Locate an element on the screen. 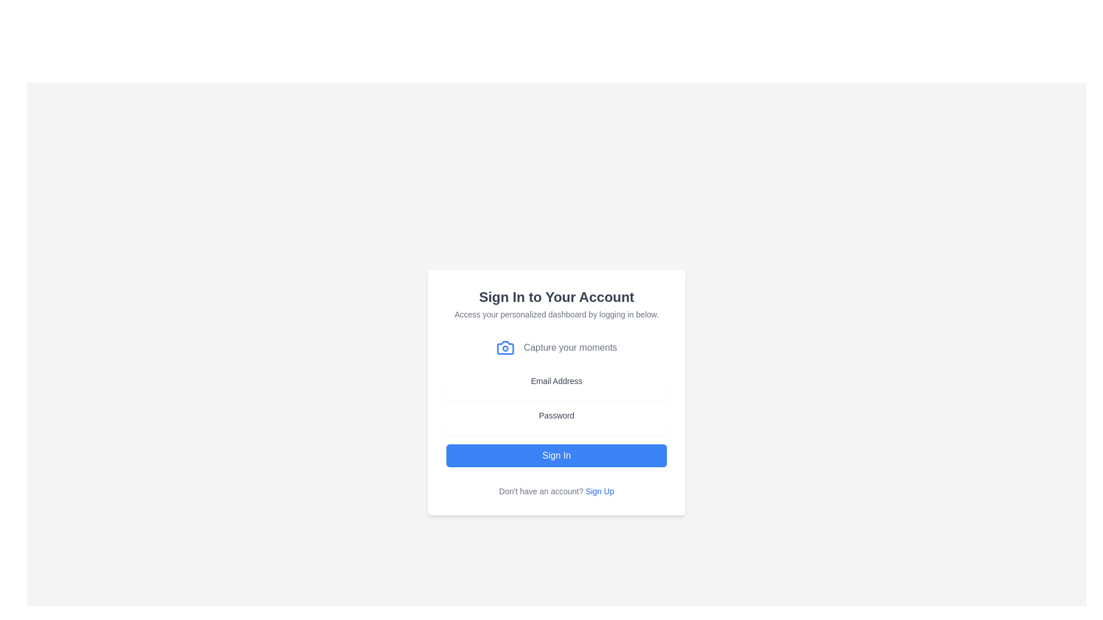 This screenshot has width=1103, height=620. the 'Sign Up' hyperlink in the text 'Don't have an account? Sign Up' to trigger the underline styling is located at coordinates (557, 491).